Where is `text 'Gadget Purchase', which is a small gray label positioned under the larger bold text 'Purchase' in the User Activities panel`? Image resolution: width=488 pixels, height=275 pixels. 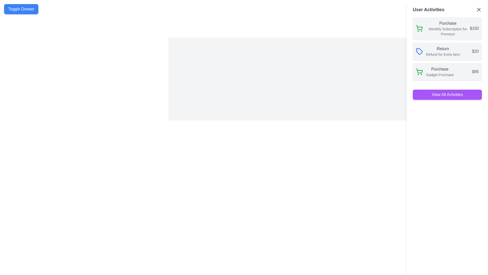
text 'Gadget Purchase', which is a small gray label positioned under the larger bold text 'Purchase' in the User Activities panel is located at coordinates (439, 75).